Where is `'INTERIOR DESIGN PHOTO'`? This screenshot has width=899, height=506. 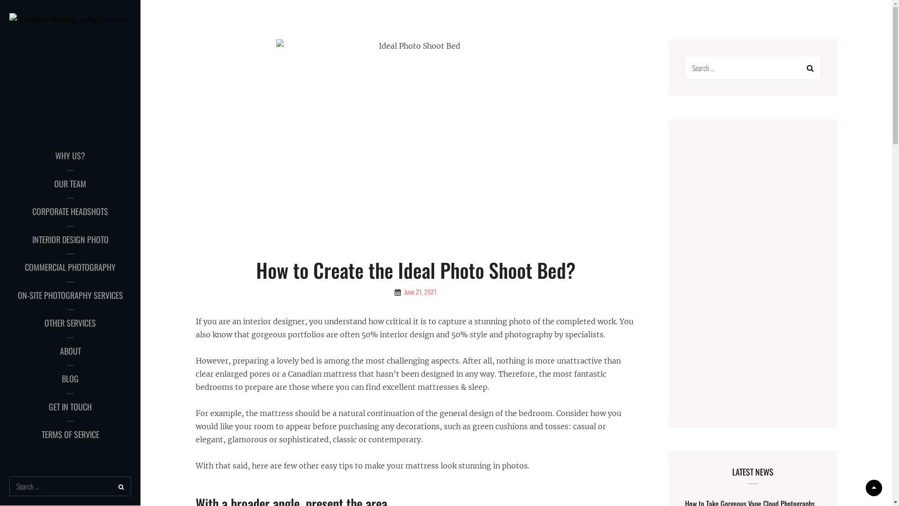
'INTERIOR DESIGN PHOTO' is located at coordinates (69, 239).